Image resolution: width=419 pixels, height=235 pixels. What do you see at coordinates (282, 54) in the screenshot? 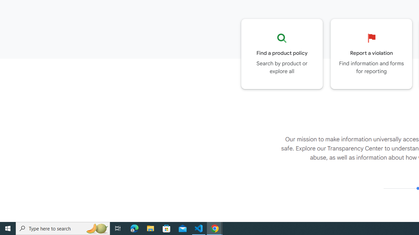
I see `'Go to the Product policy page'` at bounding box center [282, 54].